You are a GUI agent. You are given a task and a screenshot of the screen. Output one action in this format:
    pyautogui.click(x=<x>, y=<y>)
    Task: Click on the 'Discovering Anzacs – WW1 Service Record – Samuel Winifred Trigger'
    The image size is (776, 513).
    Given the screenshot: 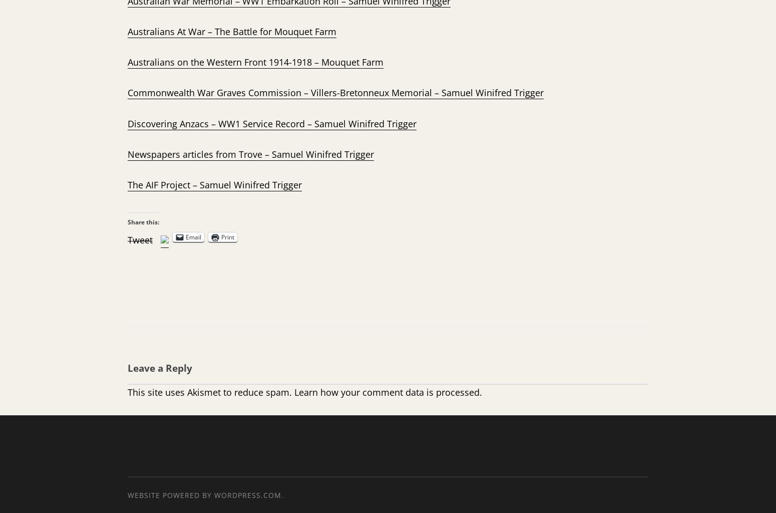 What is the action you would take?
    pyautogui.click(x=271, y=122)
    